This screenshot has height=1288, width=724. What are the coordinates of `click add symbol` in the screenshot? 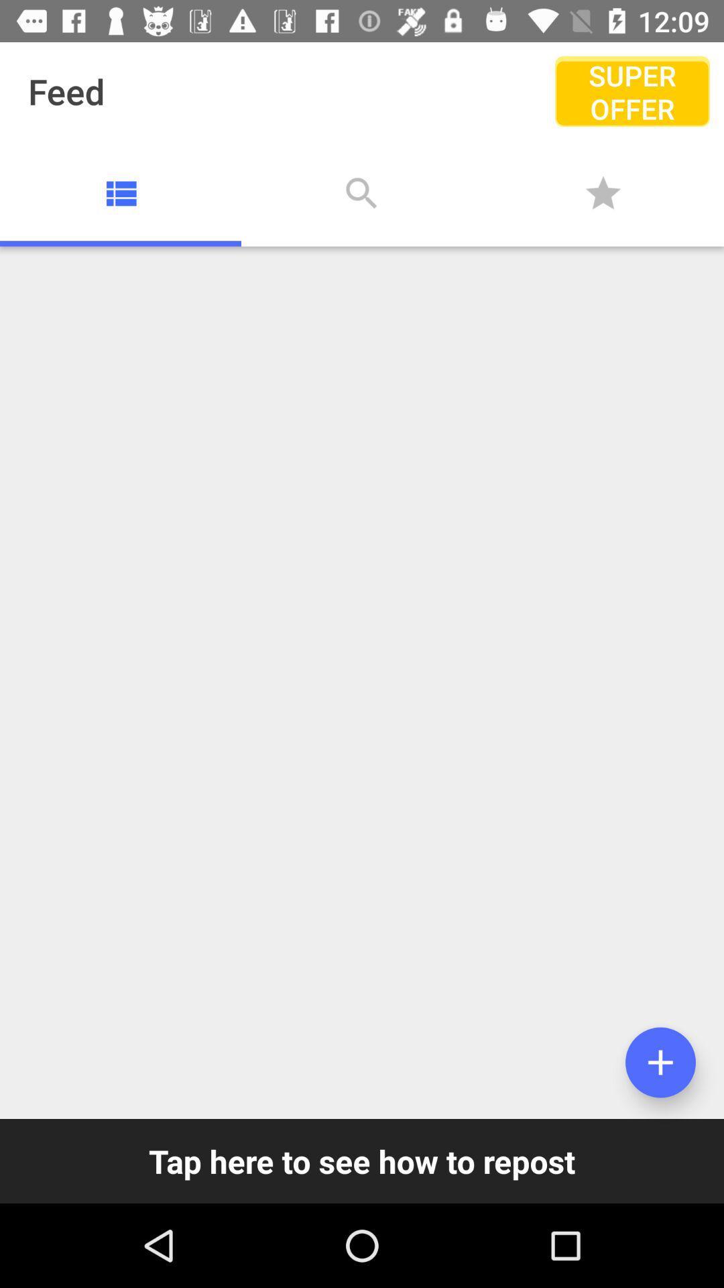 It's located at (660, 1062).